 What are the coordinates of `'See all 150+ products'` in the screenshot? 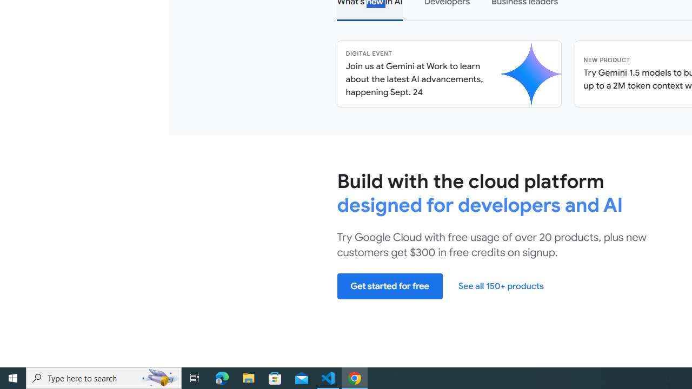 It's located at (500, 285).